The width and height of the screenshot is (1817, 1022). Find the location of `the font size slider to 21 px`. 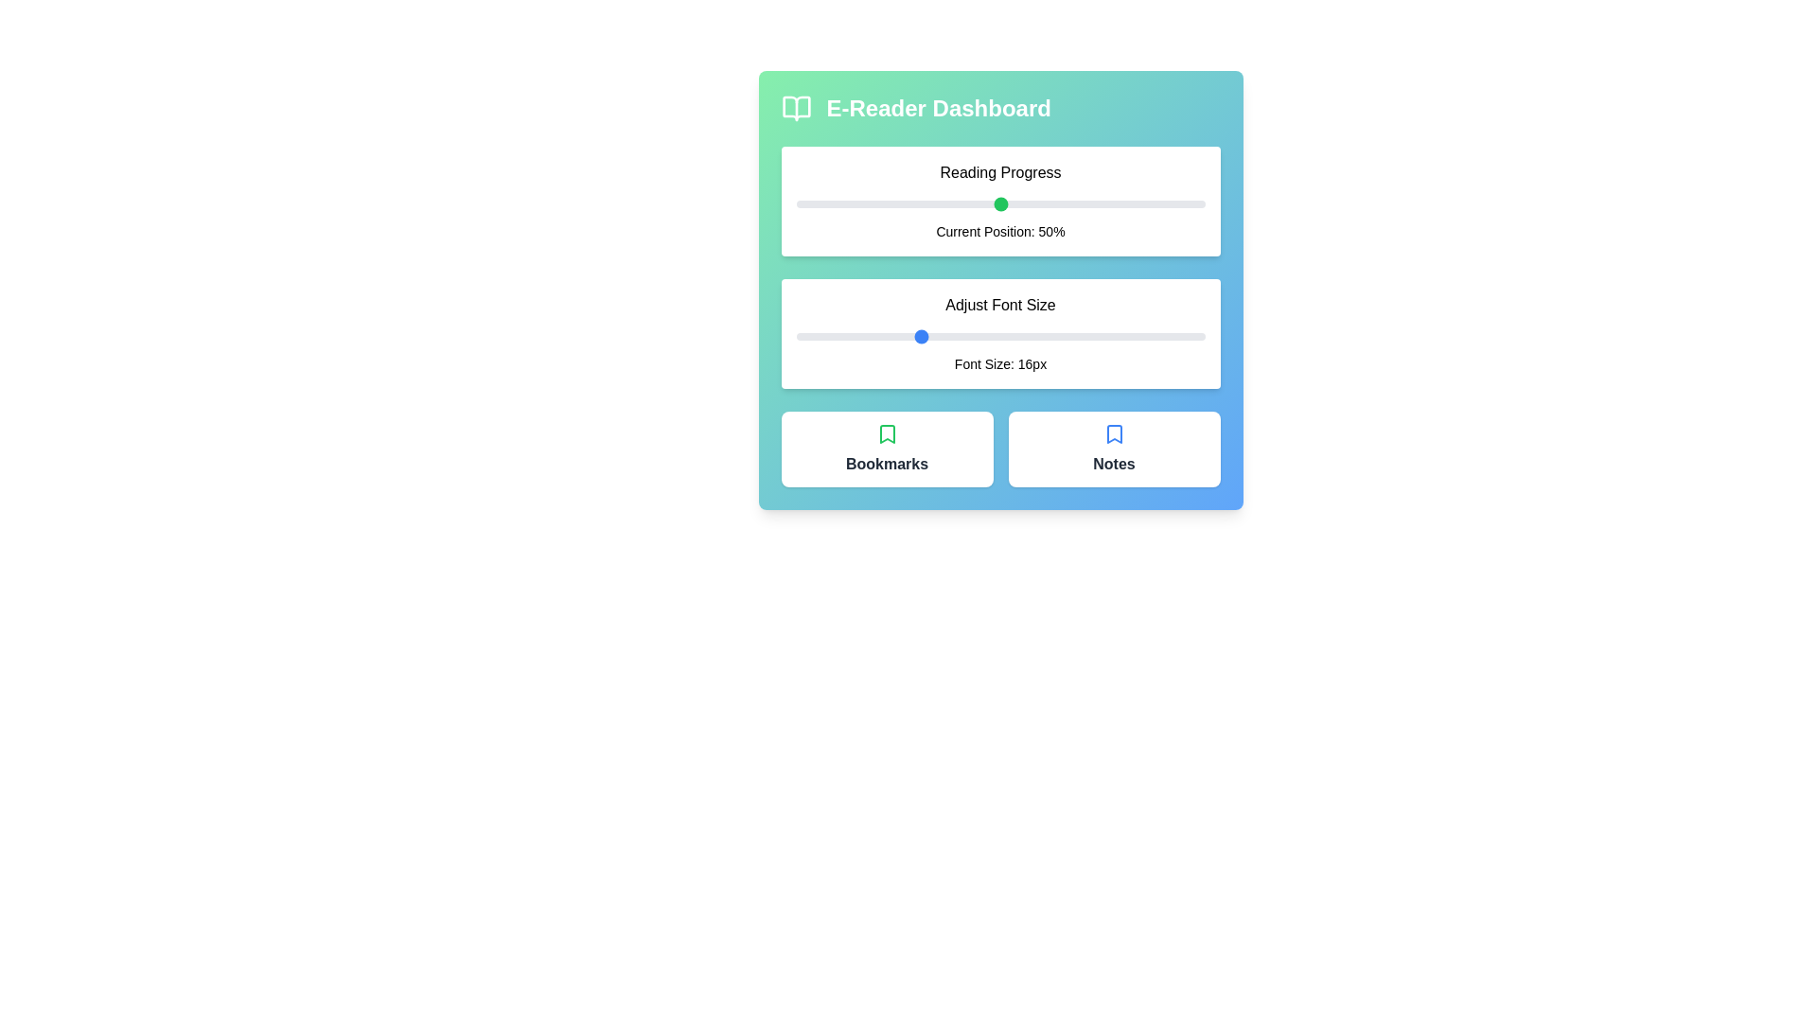

the font size slider to 21 px is located at coordinates (1020, 335).